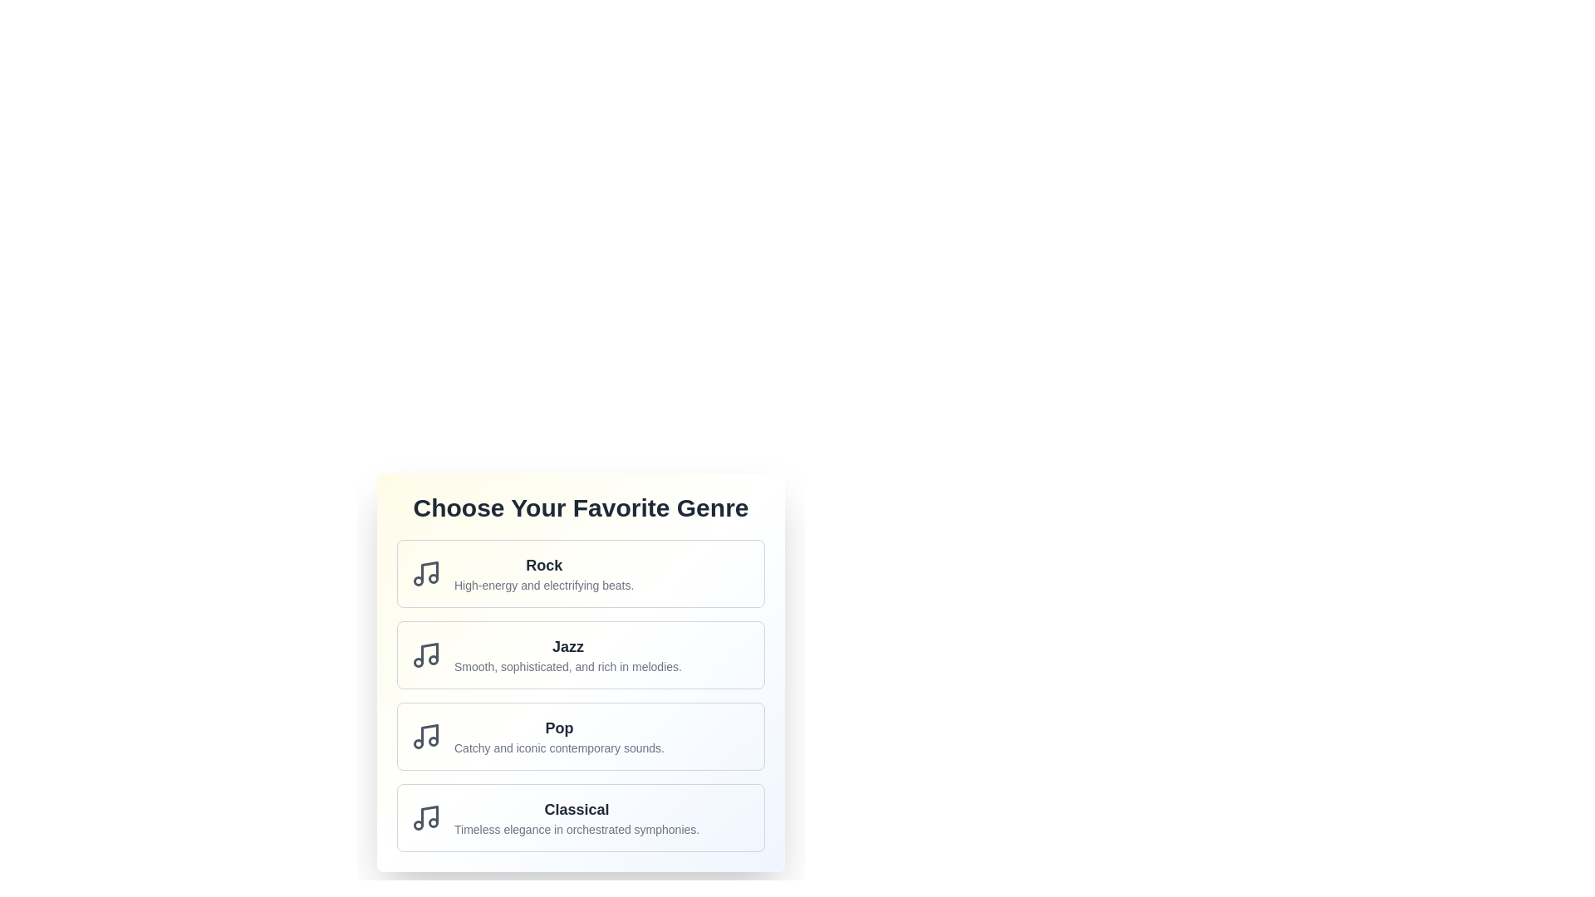 The image size is (1595, 897). Describe the element at coordinates (429, 571) in the screenshot. I see `the vertical line icon that represents the music note in the upper left portion of the 'Rock' genre music icon` at that location.